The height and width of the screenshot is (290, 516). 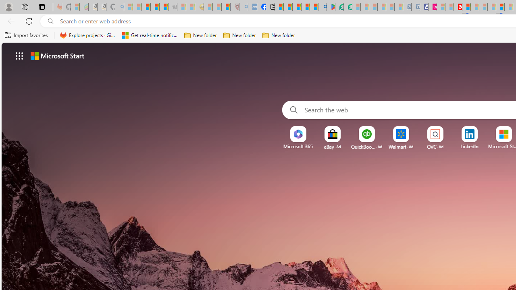 I want to click on 'Terms of Use Agreement', so click(x=339, y=7).